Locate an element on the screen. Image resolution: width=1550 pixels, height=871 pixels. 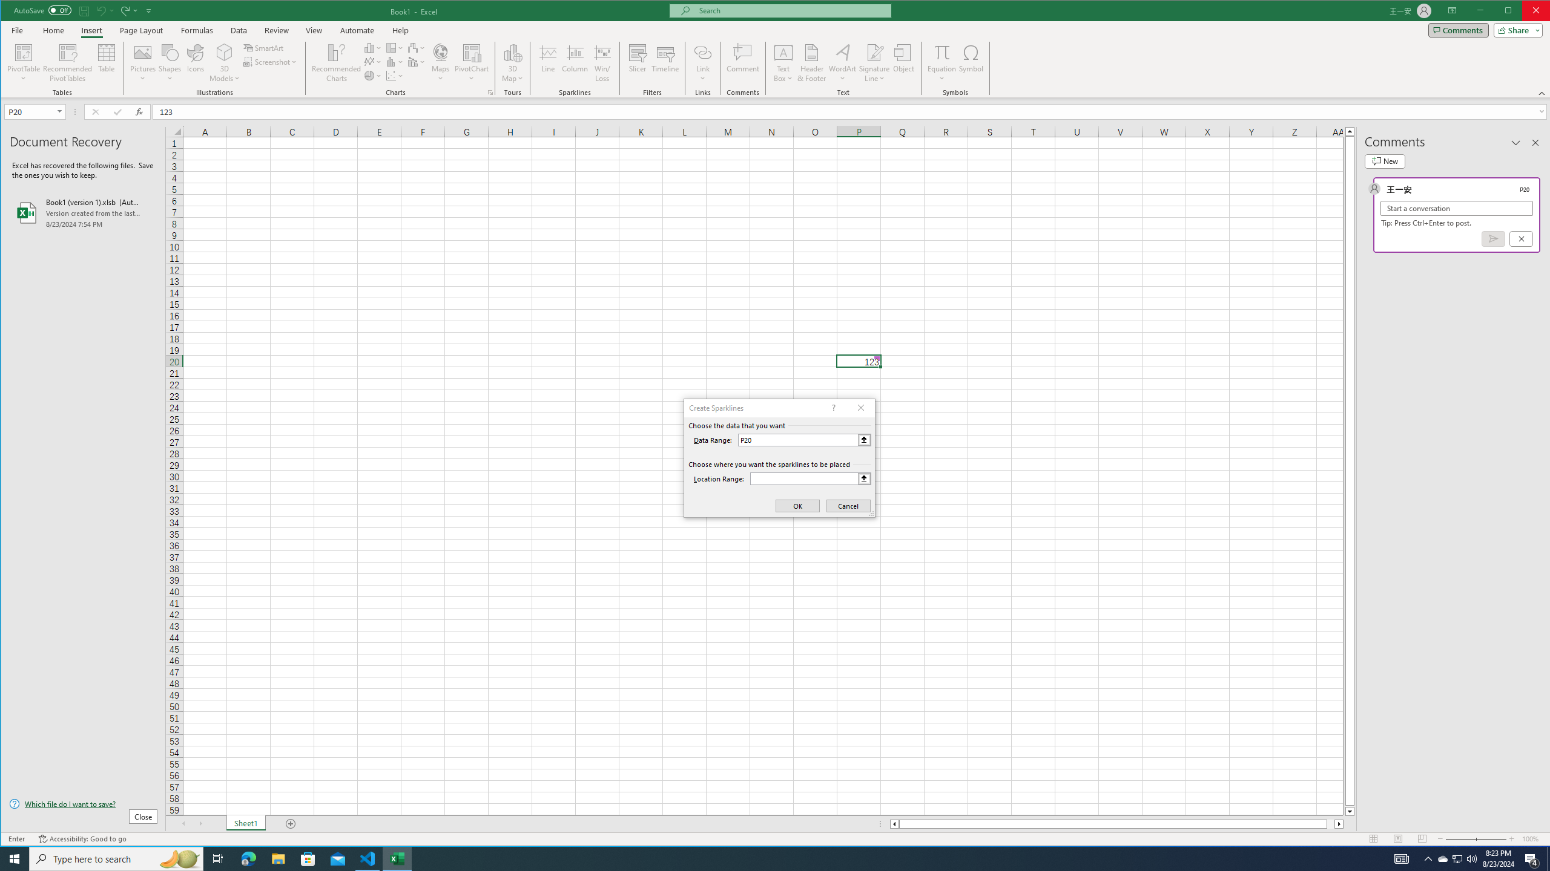
'Screenshot' is located at coordinates (271, 62).